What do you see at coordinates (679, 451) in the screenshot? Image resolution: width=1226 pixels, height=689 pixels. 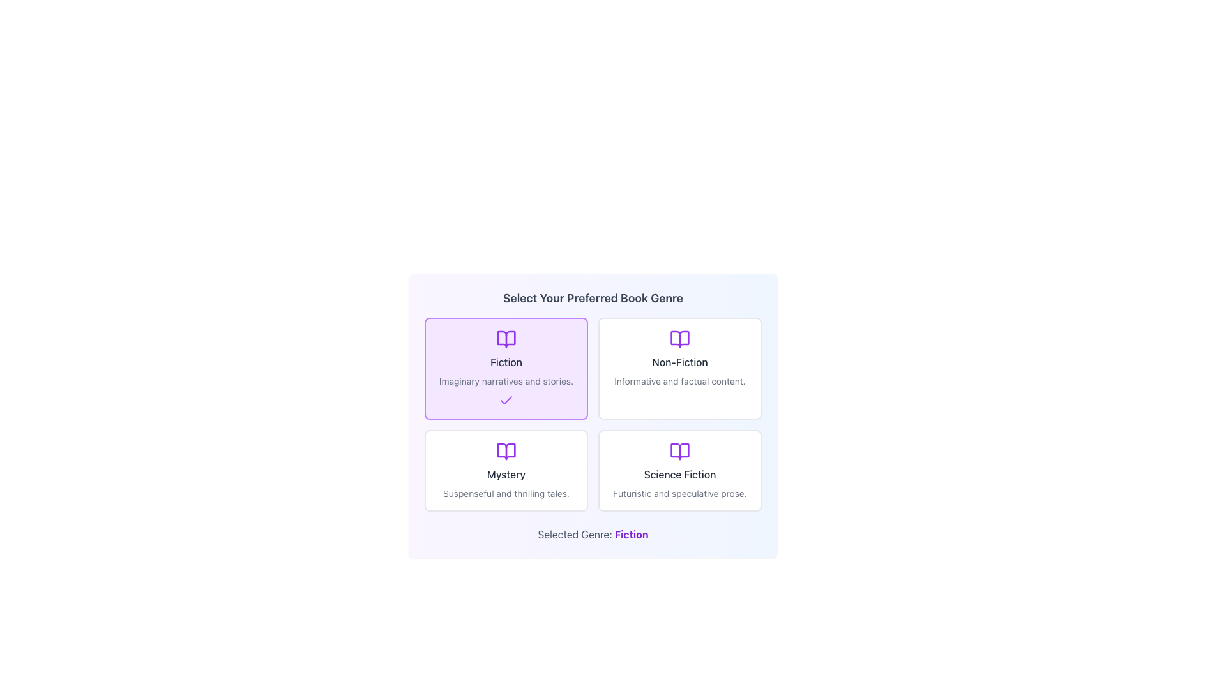 I see `the Science Fiction genre icon located at the upper section of the Science Fiction card, positioned directly above the text 'Science Fiction' and 'Futuristic and speculative prose.'` at bounding box center [679, 451].